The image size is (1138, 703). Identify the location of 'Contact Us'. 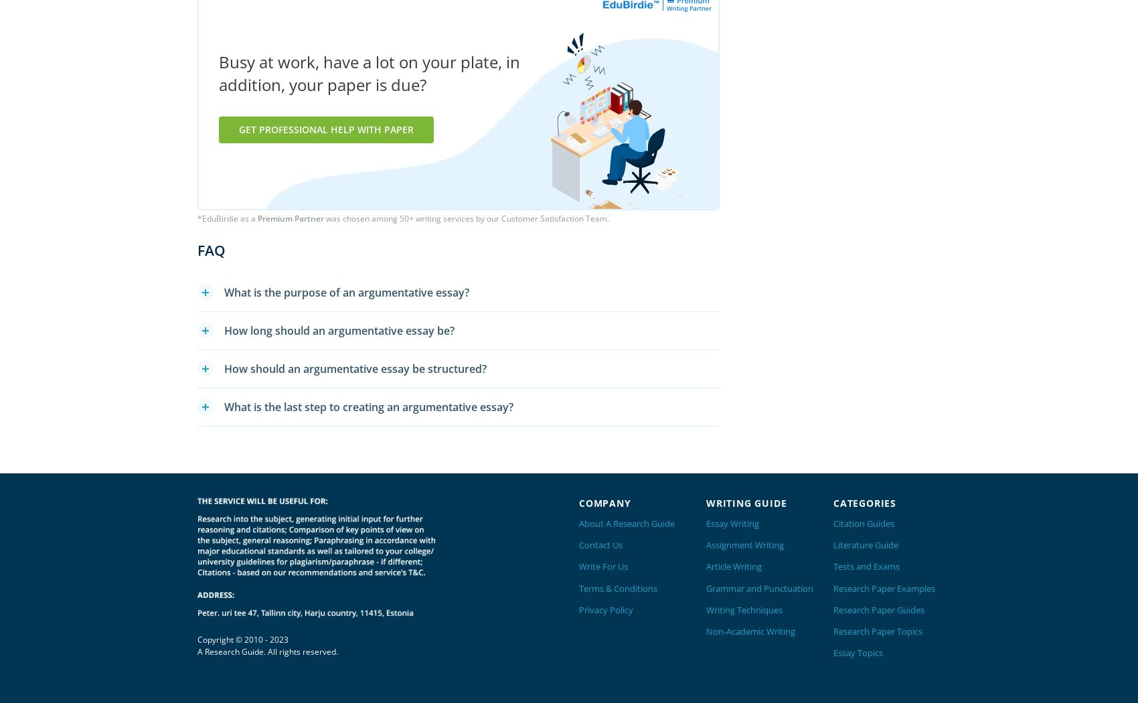
(600, 544).